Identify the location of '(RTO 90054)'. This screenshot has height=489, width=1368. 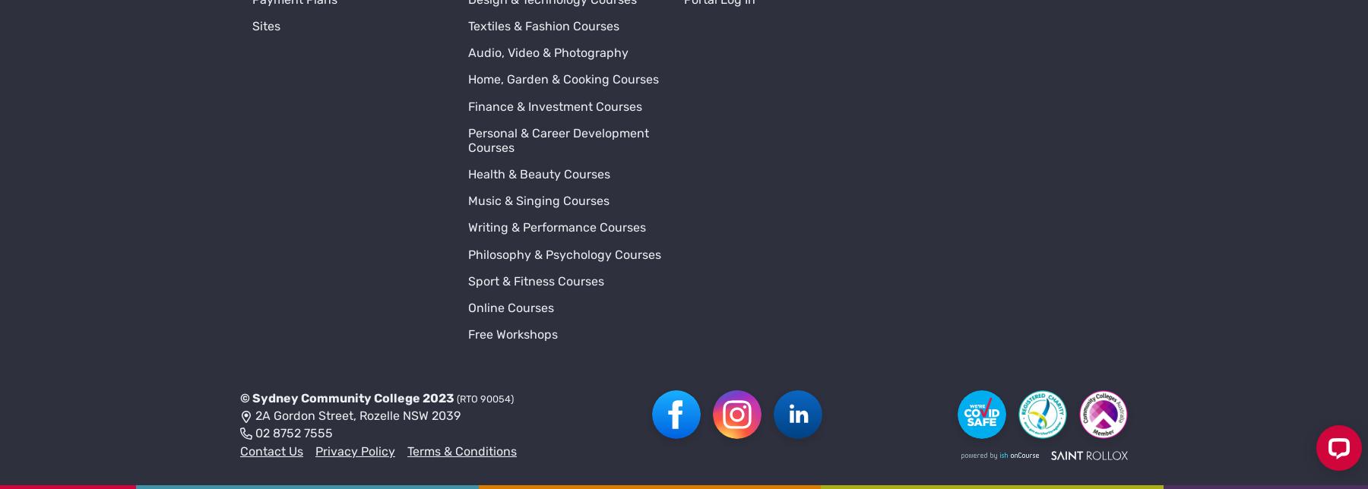
(485, 186).